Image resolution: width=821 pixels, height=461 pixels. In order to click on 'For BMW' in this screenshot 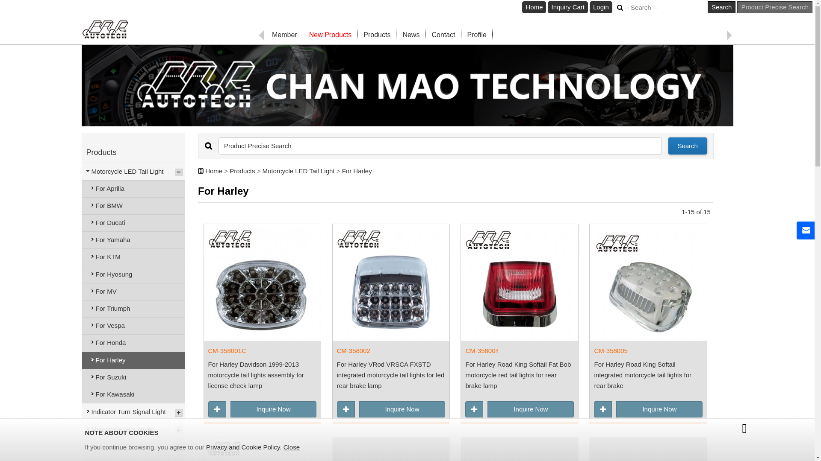, I will do `click(133, 206)`.